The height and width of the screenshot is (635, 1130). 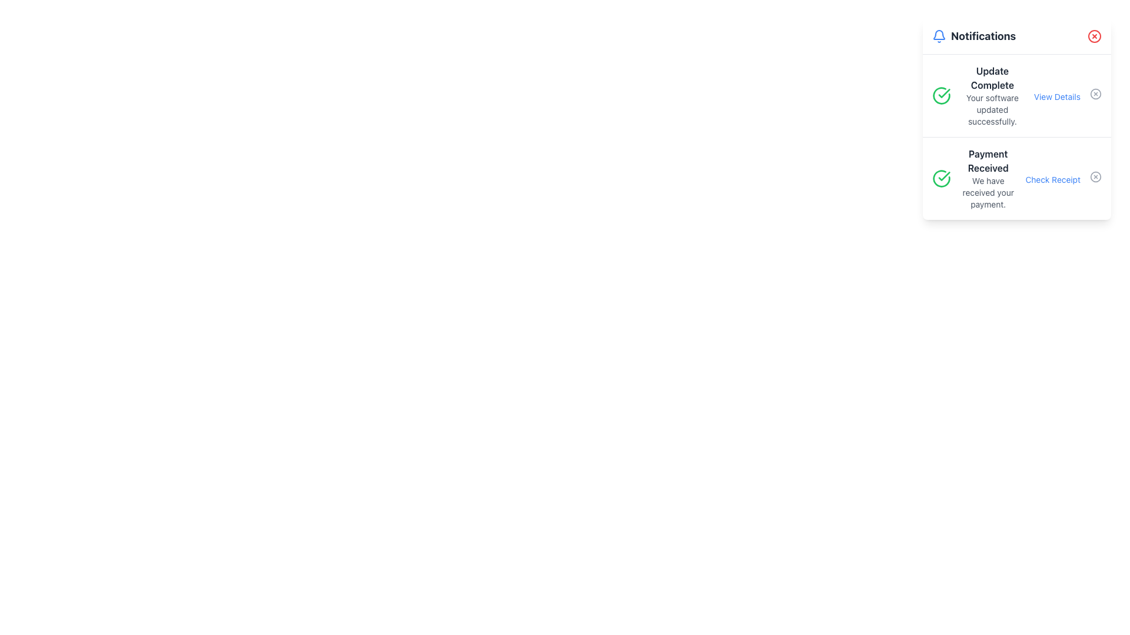 What do you see at coordinates (940, 95) in the screenshot?
I see `the Graphic Icon that indicates the successful completion of the update, located in the upper section of the notification panel, to the left of the text 'Update Complete'` at bounding box center [940, 95].